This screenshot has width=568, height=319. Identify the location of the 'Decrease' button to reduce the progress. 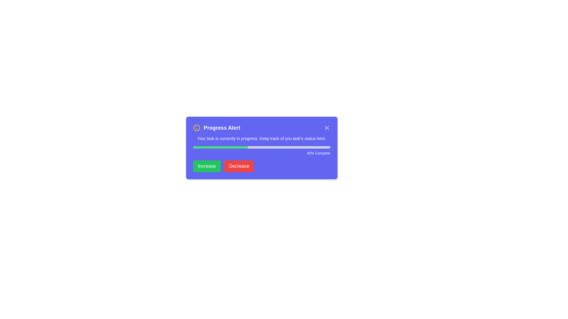
(239, 166).